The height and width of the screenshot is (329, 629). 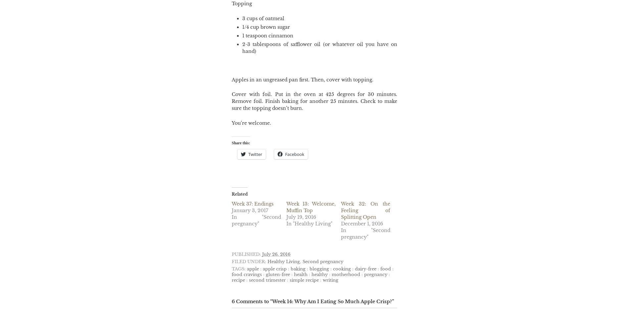 I want to click on '6 Comments to “Week 14: Why Am I Eating So Much Apple Crisp?”', so click(x=313, y=301).